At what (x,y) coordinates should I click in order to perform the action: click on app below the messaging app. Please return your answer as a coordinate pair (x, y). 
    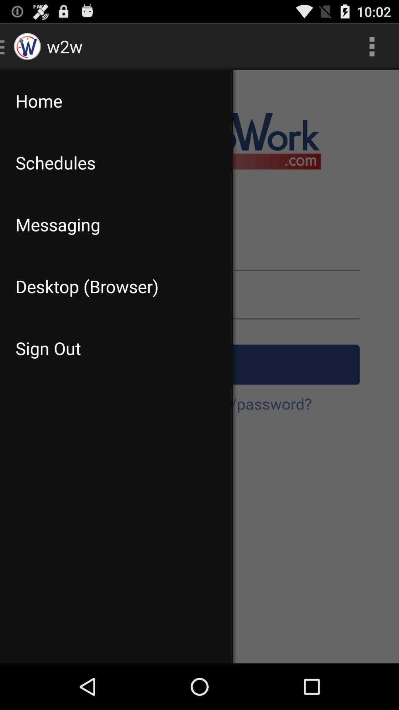
    Looking at the image, I should click on (116, 286).